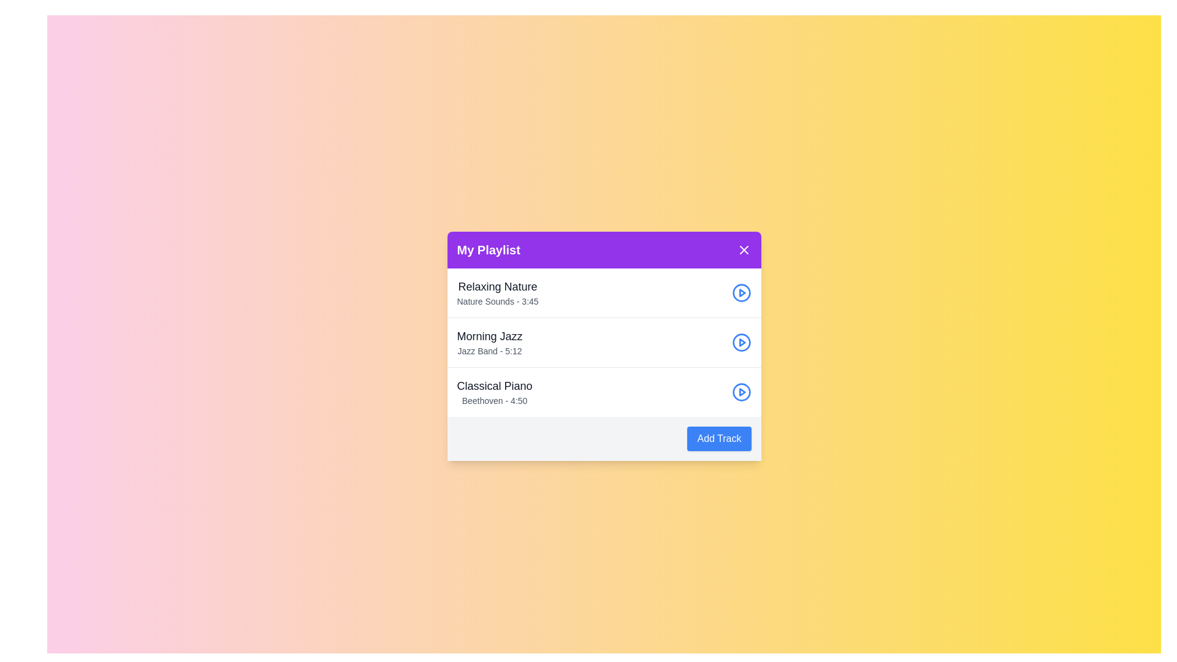  What do you see at coordinates (741, 392) in the screenshot?
I see `the play icon of the song titled 'Classical Piano'` at bounding box center [741, 392].